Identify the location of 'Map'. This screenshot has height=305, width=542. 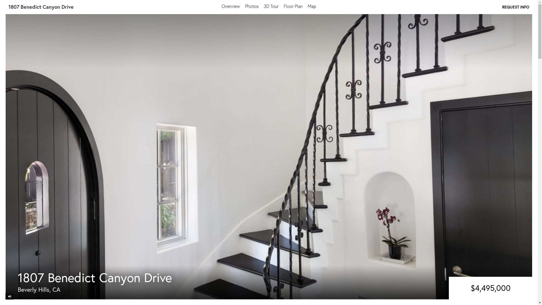
(311, 6).